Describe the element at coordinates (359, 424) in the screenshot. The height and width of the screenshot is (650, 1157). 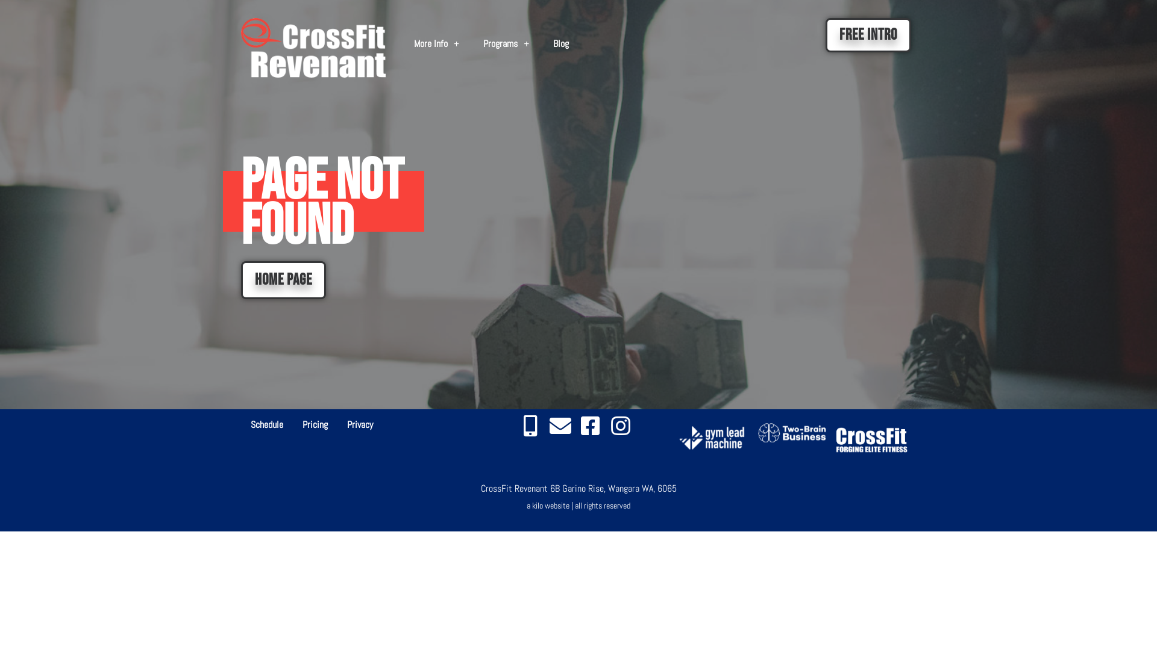
I see `'Privacy'` at that location.